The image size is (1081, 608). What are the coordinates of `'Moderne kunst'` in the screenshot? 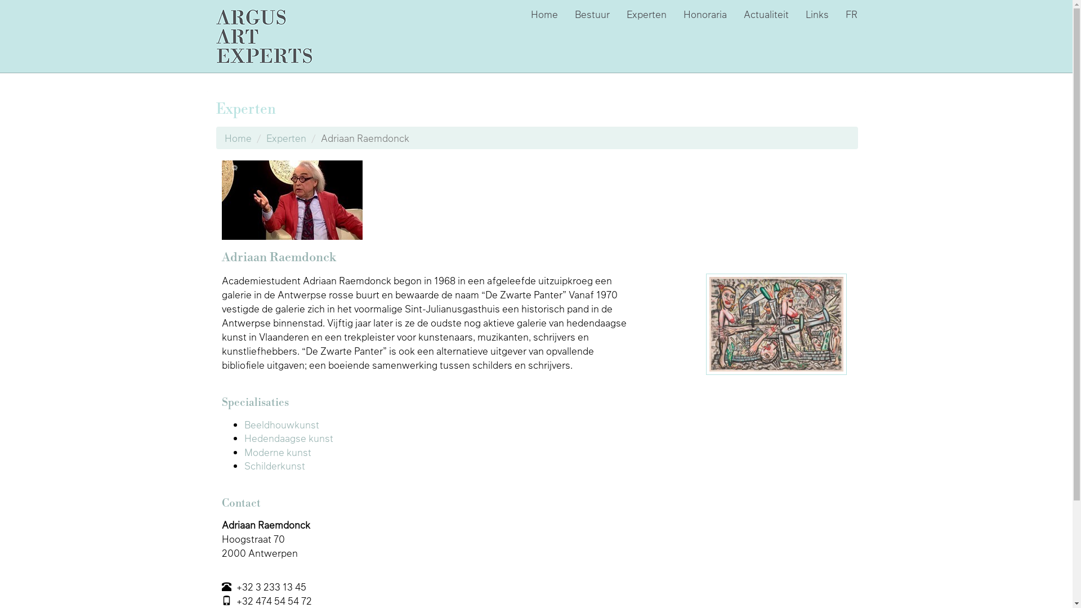 It's located at (278, 451).